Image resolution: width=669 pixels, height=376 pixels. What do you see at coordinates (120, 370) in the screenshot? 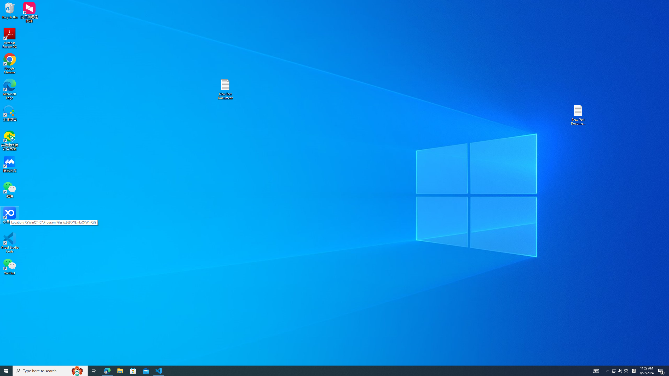
I see `'File Explorer'` at bounding box center [120, 370].